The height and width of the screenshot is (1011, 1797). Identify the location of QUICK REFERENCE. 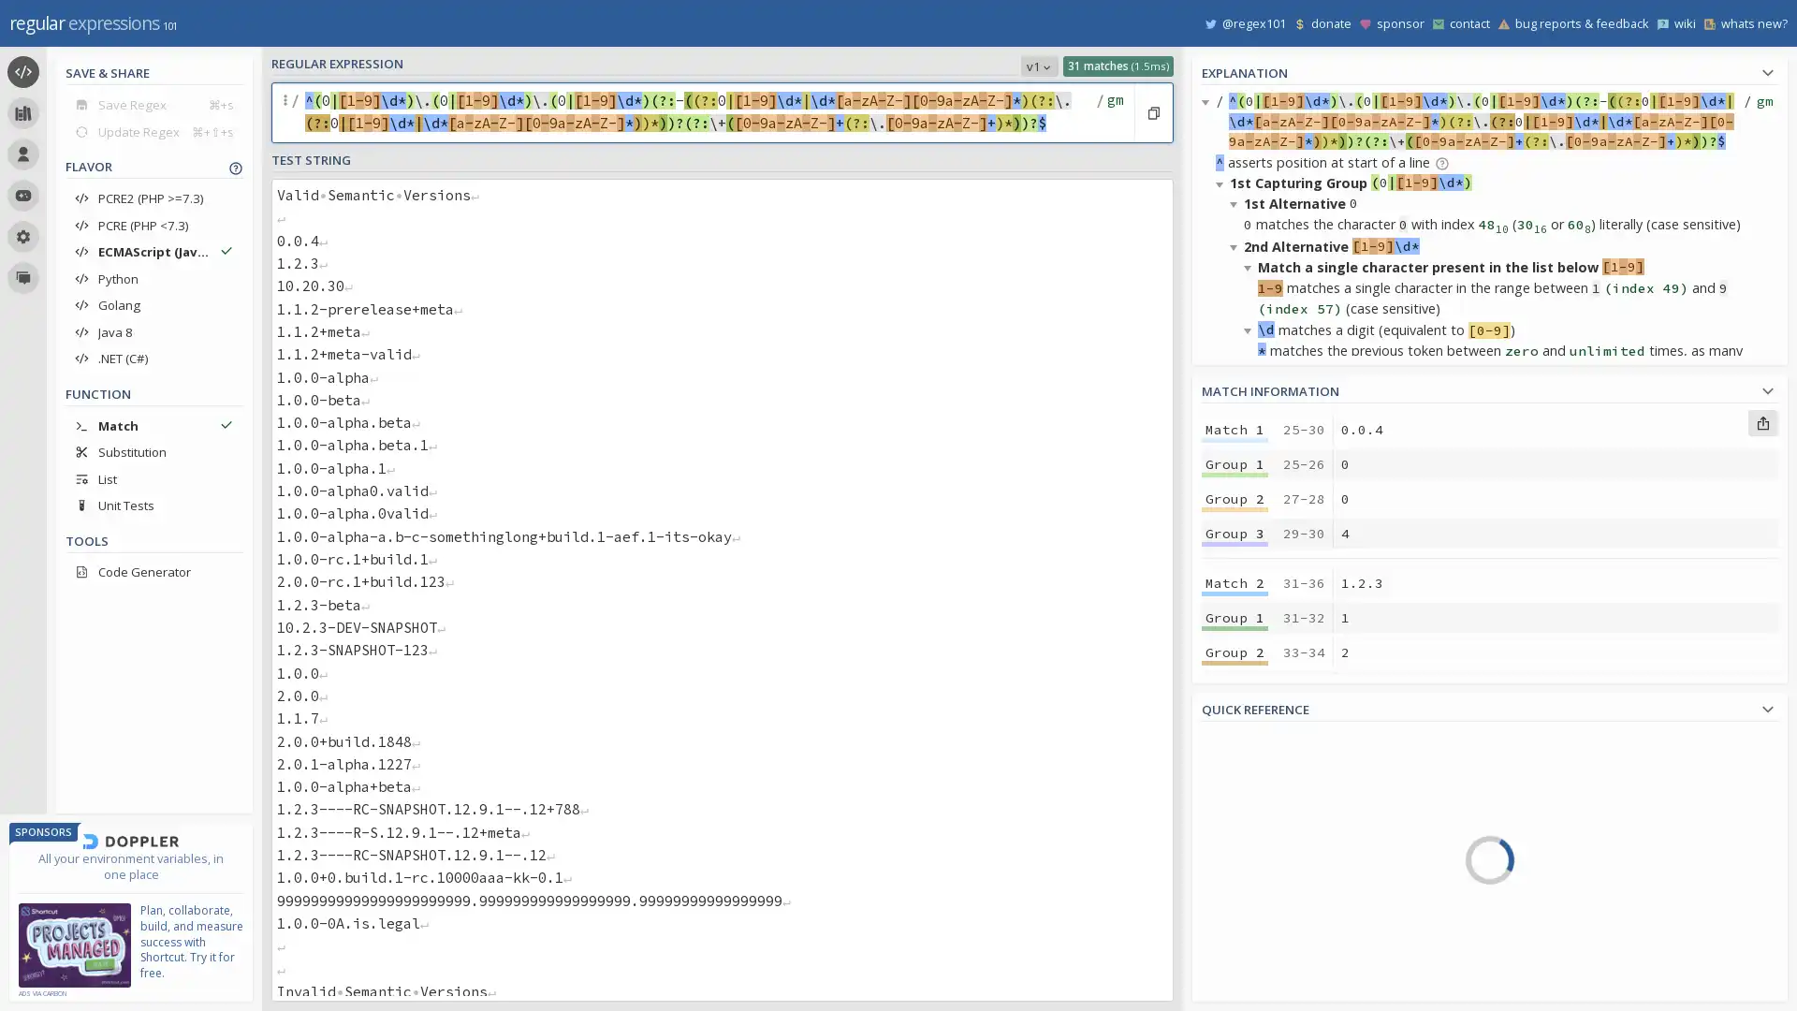
(1489, 707).